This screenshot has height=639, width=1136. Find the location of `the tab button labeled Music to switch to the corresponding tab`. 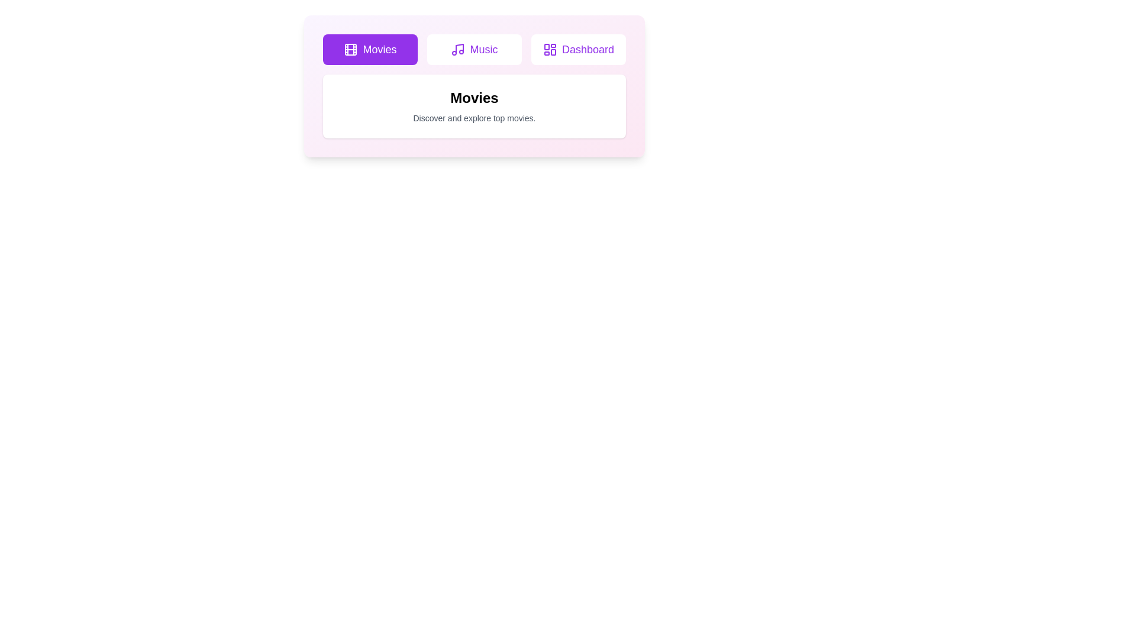

the tab button labeled Music to switch to the corresponding tab is located at coordinates (474, 49).